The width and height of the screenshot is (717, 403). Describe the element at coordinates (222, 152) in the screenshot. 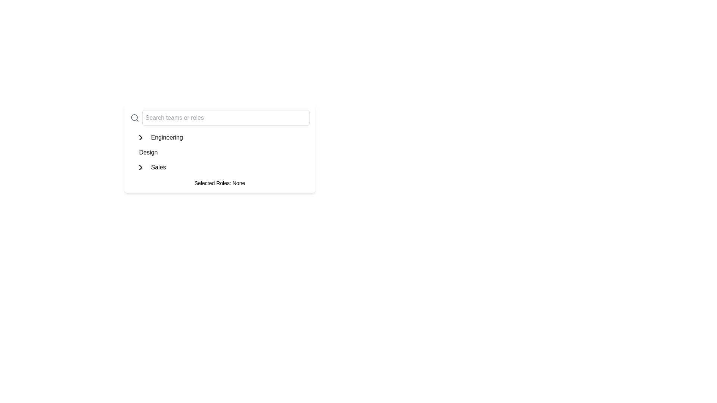

I see `the interactive list item labeled 'Design', which is the second item in a vertical list of navigational options` at that location.